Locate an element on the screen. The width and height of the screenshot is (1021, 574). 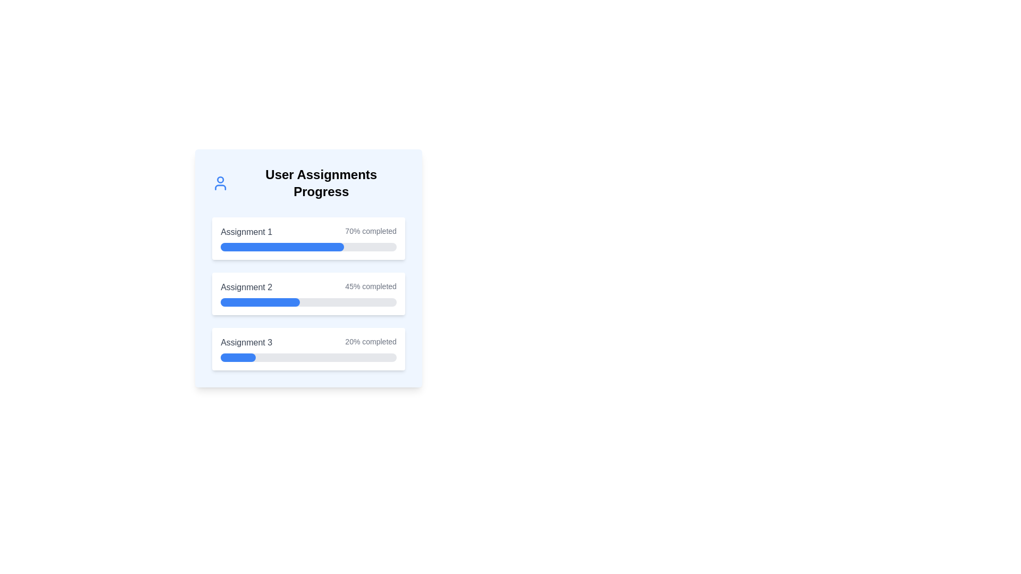
the static text label indicating the progress percentage of '20% completed' for Assignment 3 located in the progress section of the third card under 'User Assignments Progress' is located at coordinates (371, 342).